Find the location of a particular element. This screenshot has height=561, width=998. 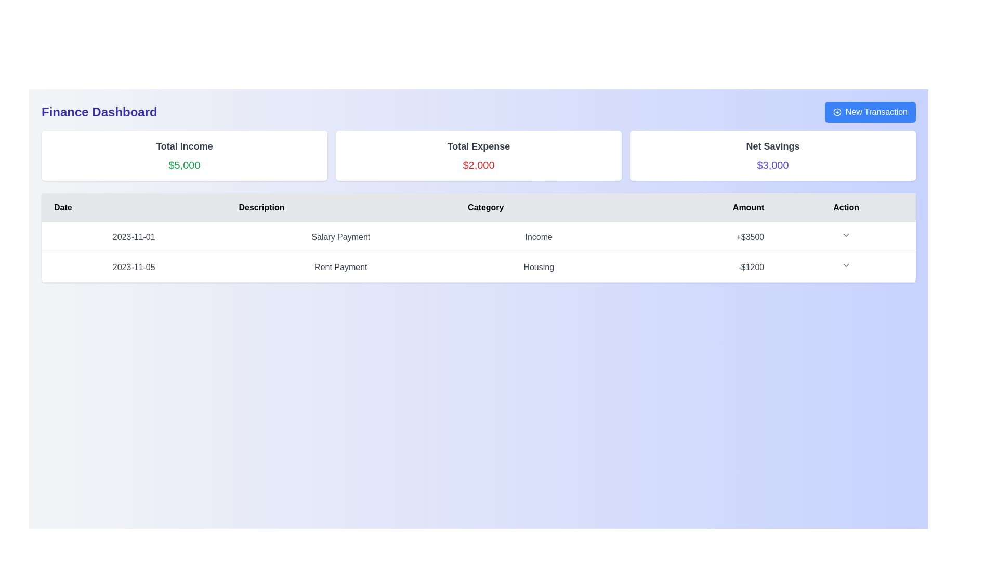

the Dropdown Toggle Button in the 'Action' column of the first row is located at coordinates (846, 235).